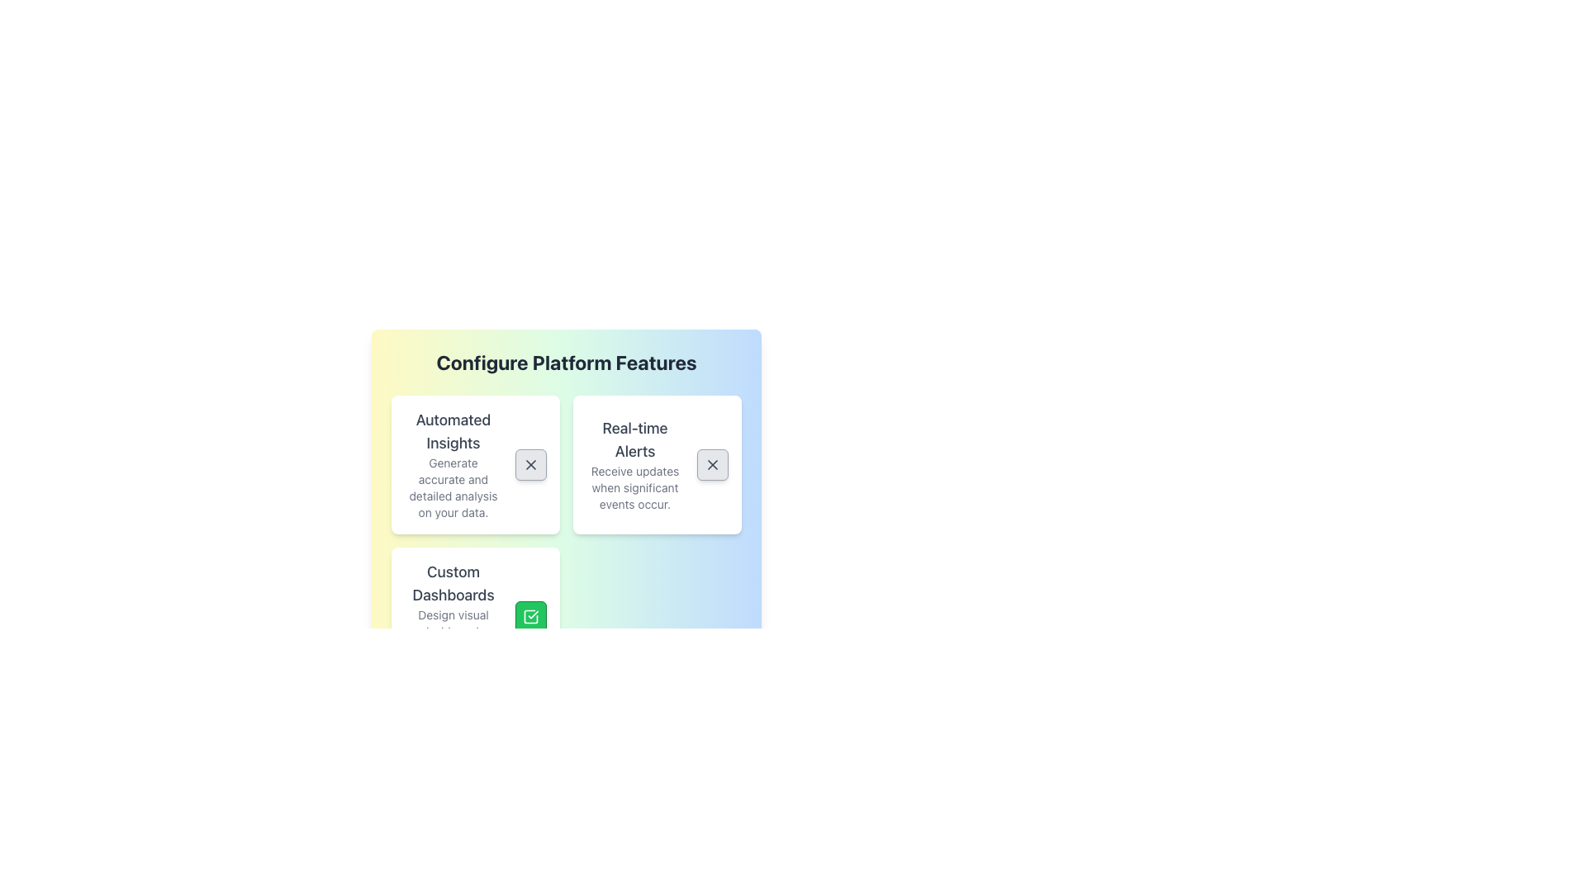  I want to click on the Icon Button located in the top-right corner of the 'Real-time Alerts' card, so click(713, 465).